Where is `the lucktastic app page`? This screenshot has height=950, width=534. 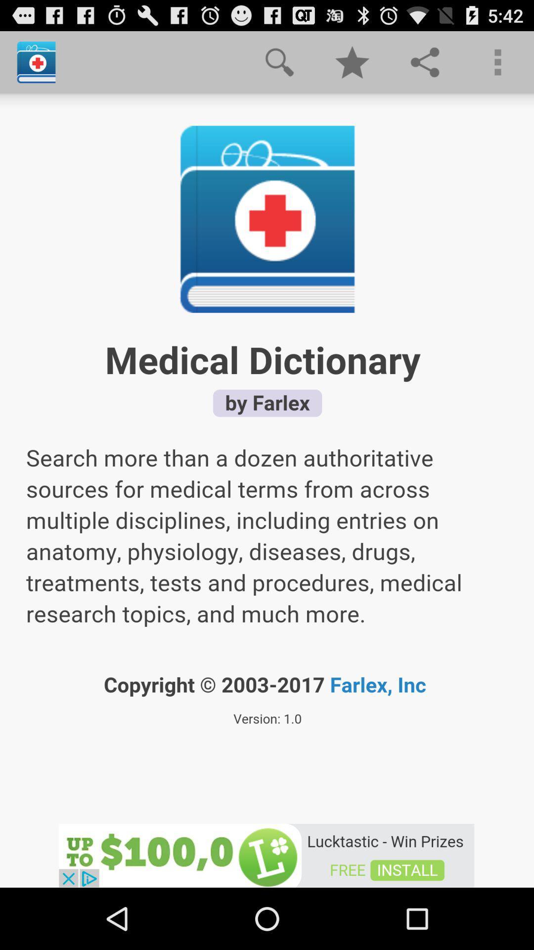 the lucktastic app page is located at coordinates (266, 854).